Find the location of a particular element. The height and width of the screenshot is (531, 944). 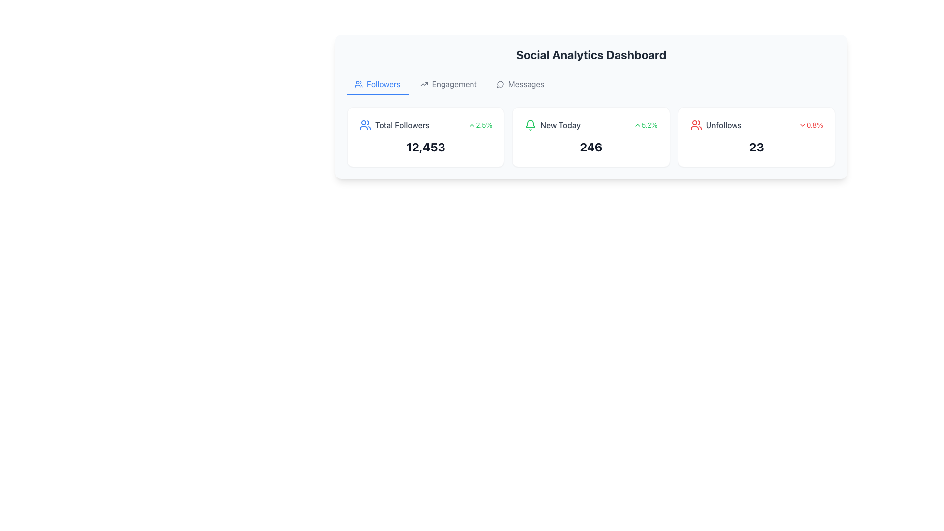

the leftmost Information Card in the Social Analytics Dashboard, which features a white background, rounded corners, and displays 'Total Followers' with a green upward percentage indicator and the number '12,453' is located at coordinates (426, 137).